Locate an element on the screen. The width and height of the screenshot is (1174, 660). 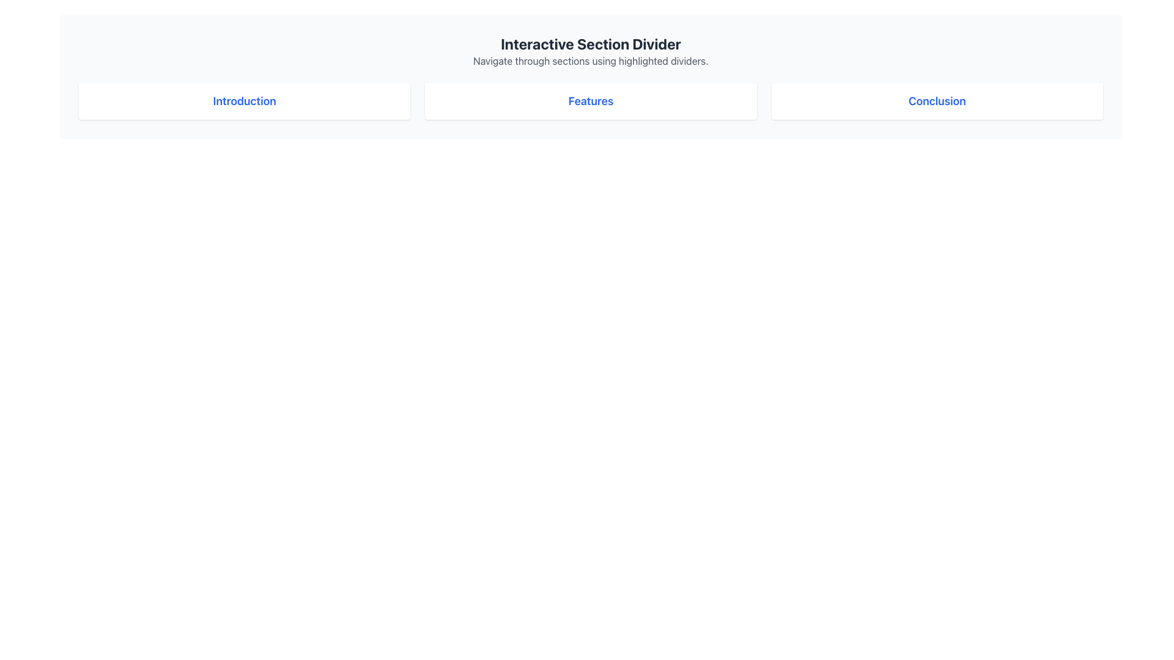
the 'Introduction' button, which is the first option in a grid layout with a white background and blue bold text is located at coordinates (245, 100).